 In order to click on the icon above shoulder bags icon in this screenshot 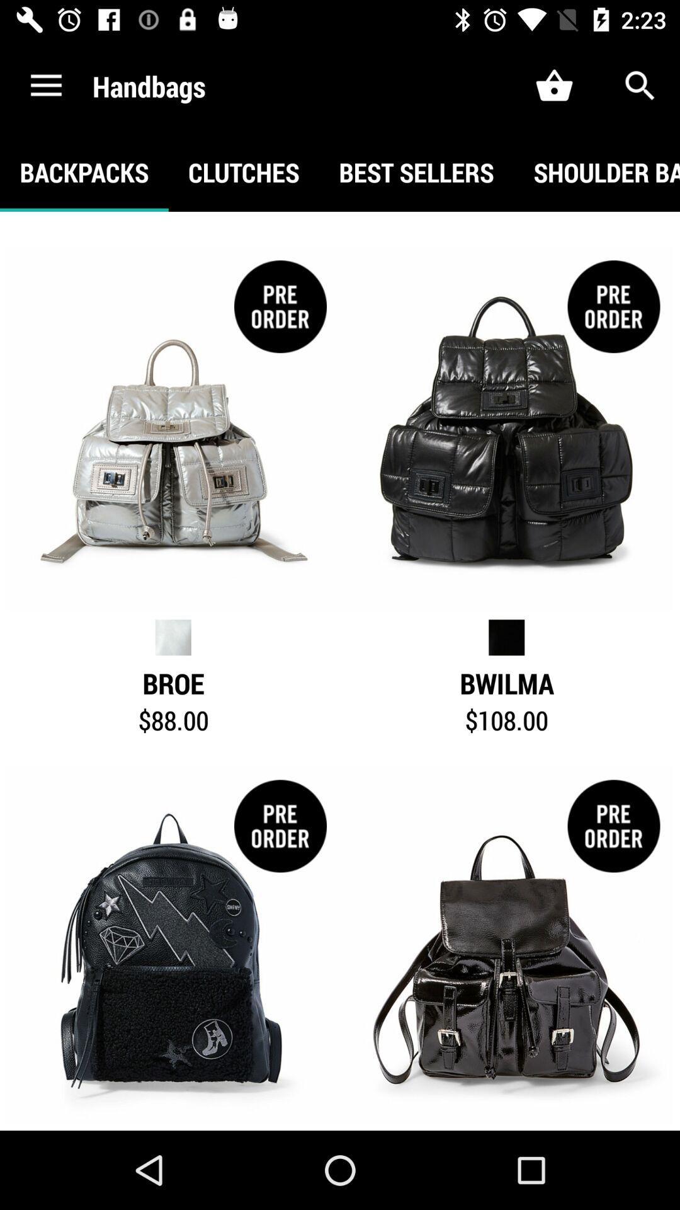, I will do `click(640, 85)`.